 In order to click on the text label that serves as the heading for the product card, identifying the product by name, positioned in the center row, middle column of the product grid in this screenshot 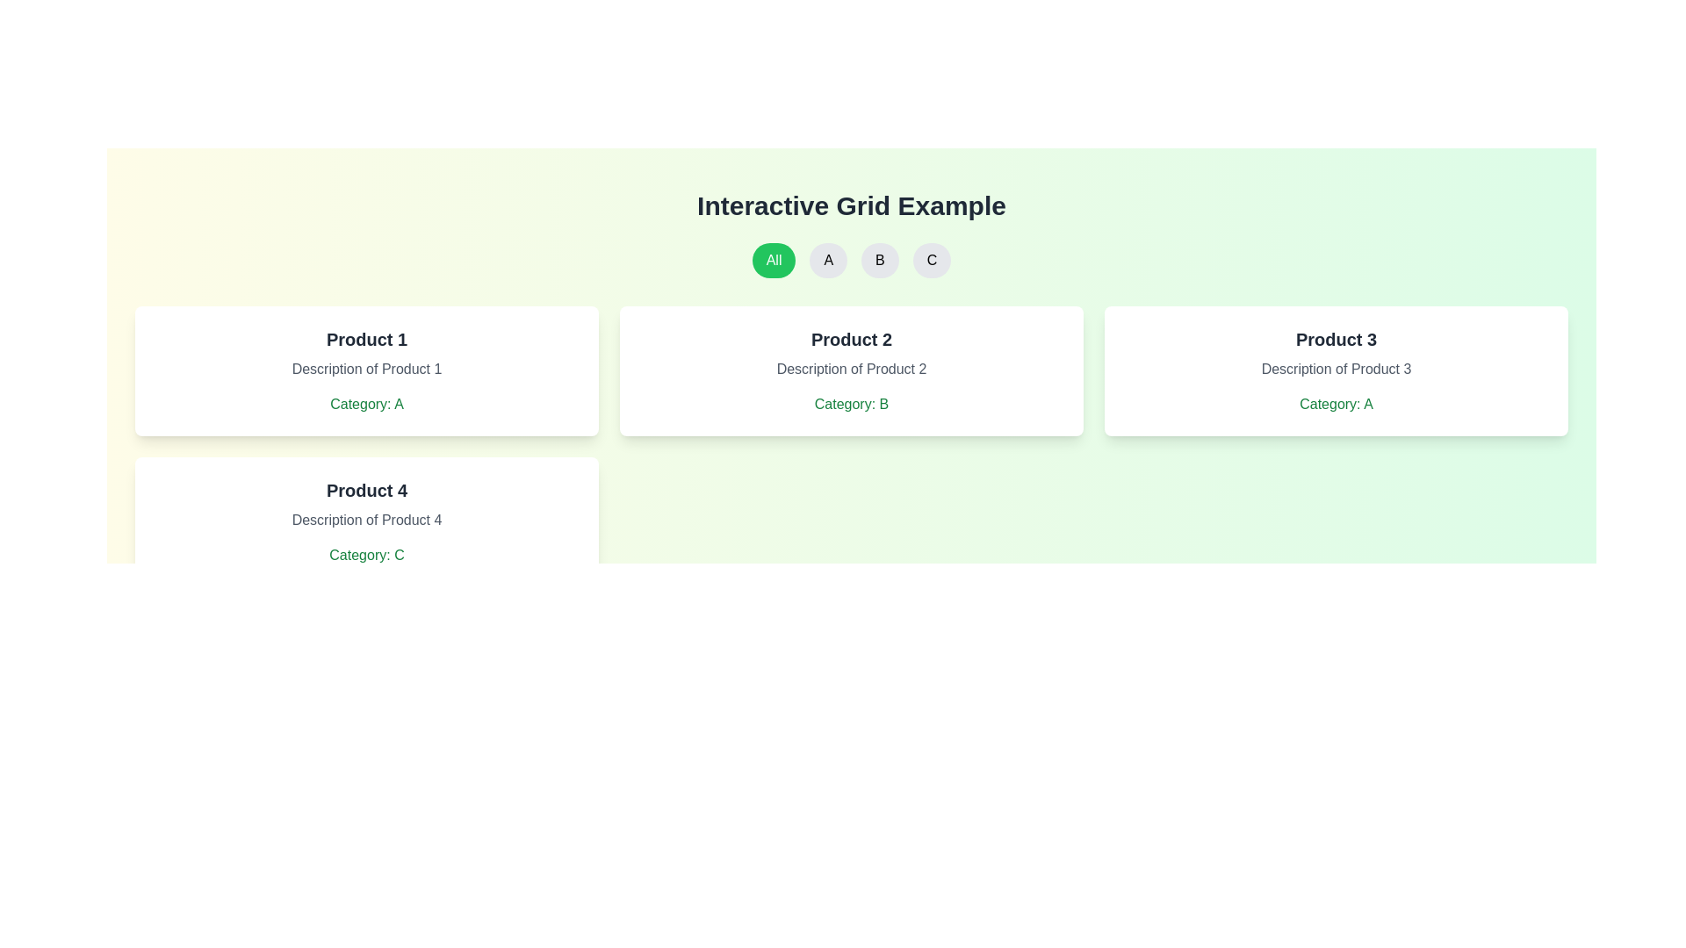, I will do `click(851, 339)`.